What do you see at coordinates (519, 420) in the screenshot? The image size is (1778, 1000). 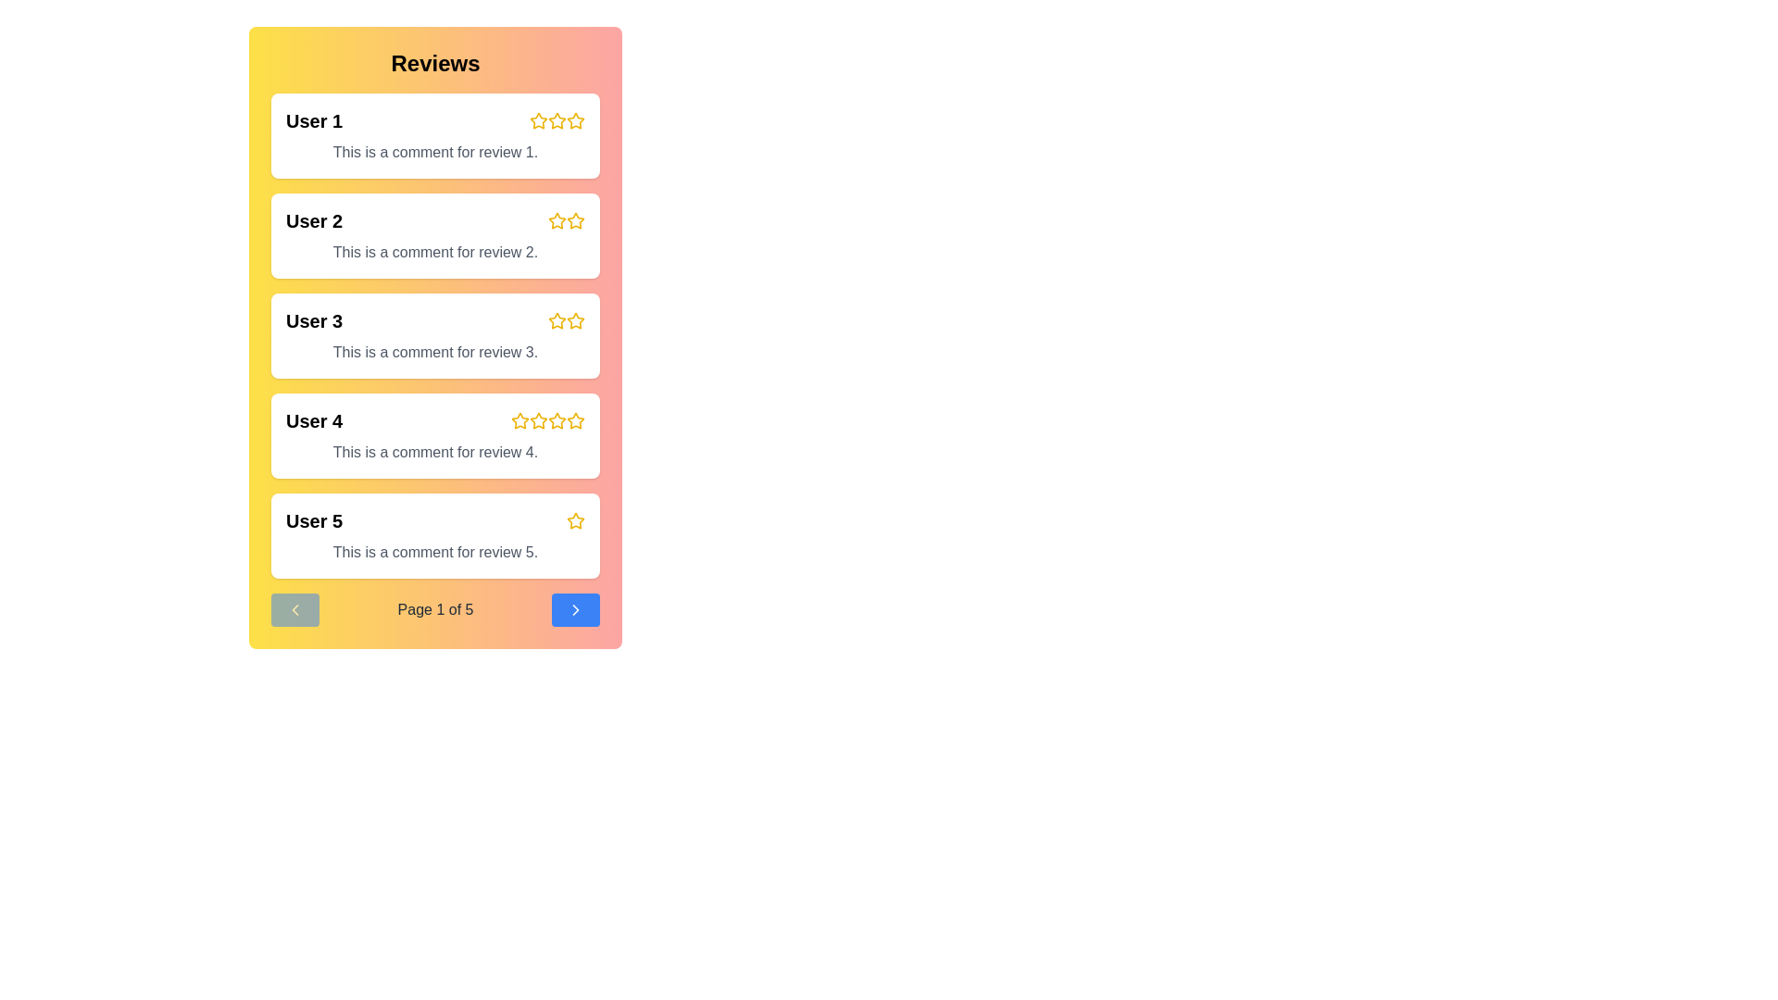 I see `the fourth rating star icon in the rating section for User 4's review` at bounding box center [519, 420].